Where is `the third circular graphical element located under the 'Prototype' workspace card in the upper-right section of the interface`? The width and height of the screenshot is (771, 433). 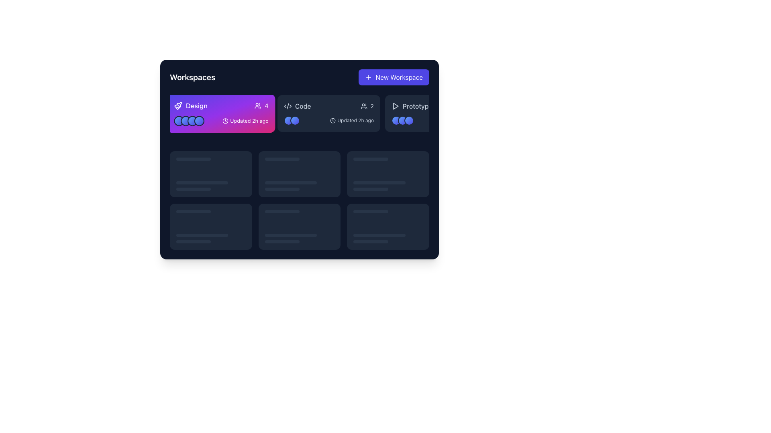 the third circular graphical element located under the 'Prototype' workspace card in the upper-right section of the interface is located at coordinates (409, 120).